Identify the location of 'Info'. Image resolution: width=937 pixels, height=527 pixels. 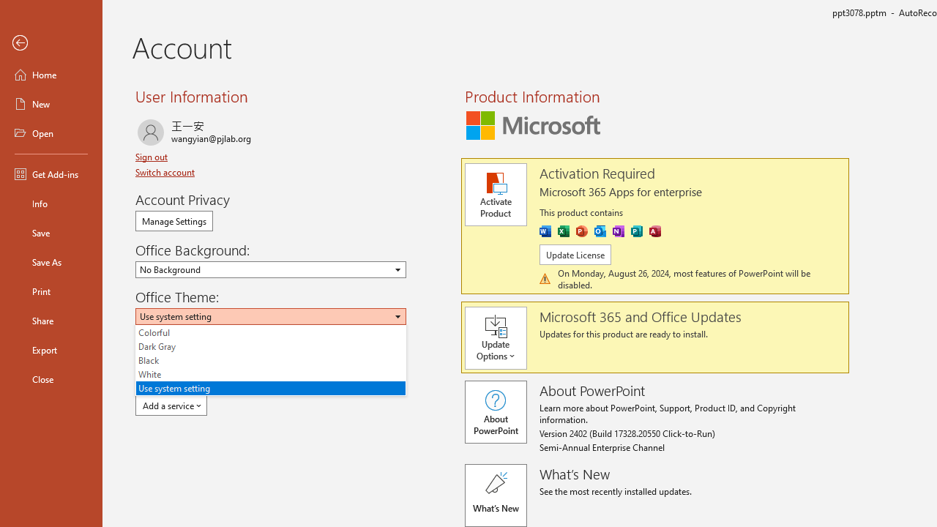
(51, 203).